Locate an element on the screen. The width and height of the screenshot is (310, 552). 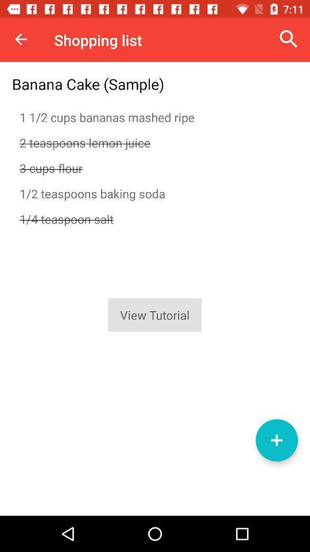
the item next to the shopping list is located at coordinates (288, 39).